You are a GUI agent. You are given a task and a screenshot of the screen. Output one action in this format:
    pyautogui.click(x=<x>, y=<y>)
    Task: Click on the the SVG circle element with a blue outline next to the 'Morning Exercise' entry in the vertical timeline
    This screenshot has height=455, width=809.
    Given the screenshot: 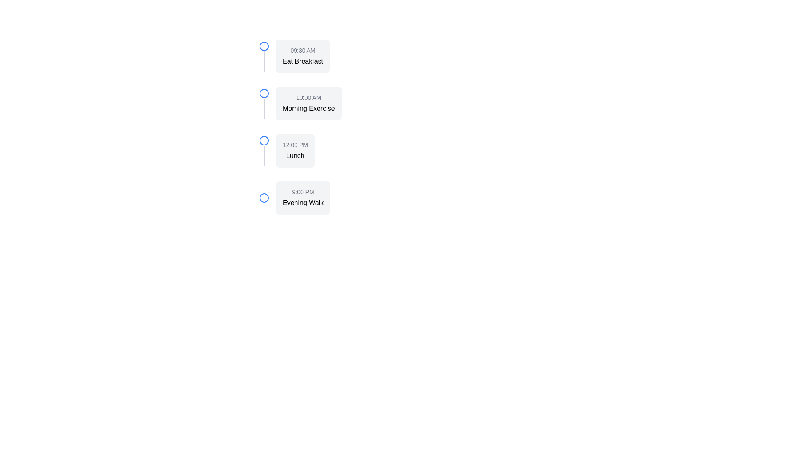 What is the action you would take?
    pyautogui.click(x=264, y=94)
    